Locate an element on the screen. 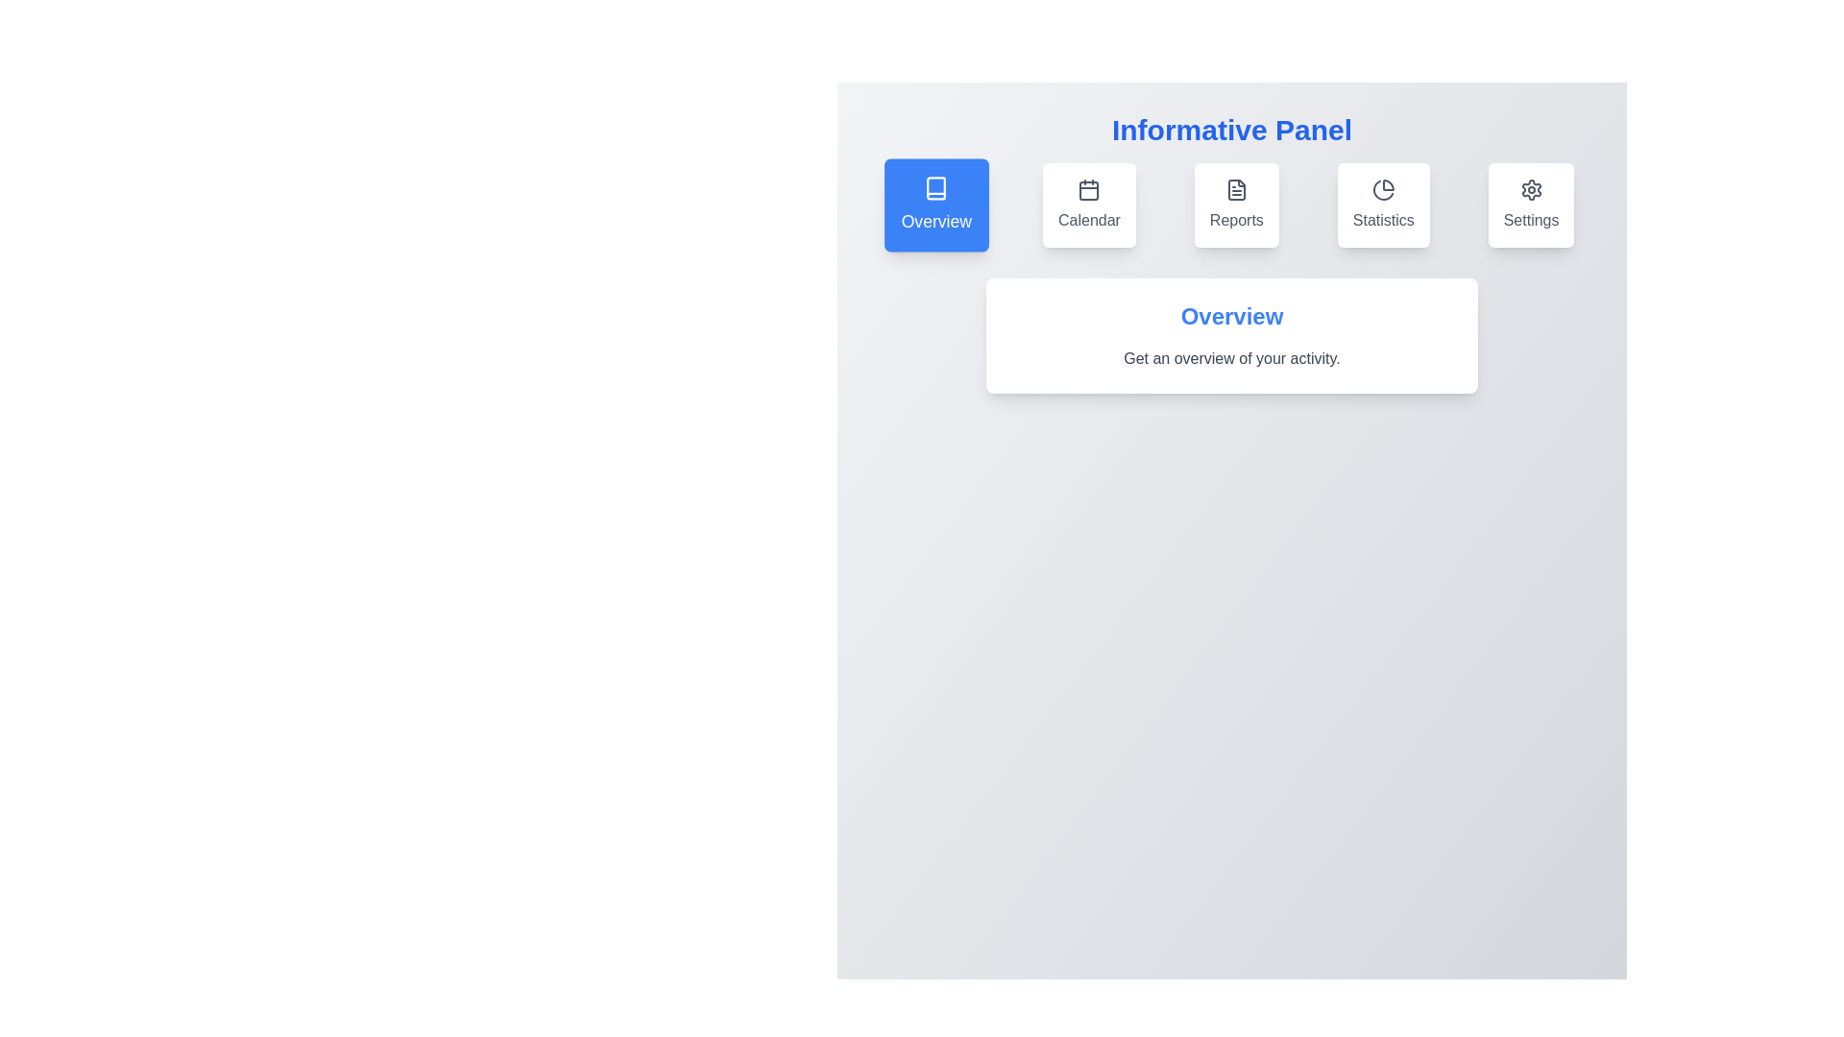  the 'Reports' text label located below the reports icon in the navigation panel is located at coordinates (1236, 220).